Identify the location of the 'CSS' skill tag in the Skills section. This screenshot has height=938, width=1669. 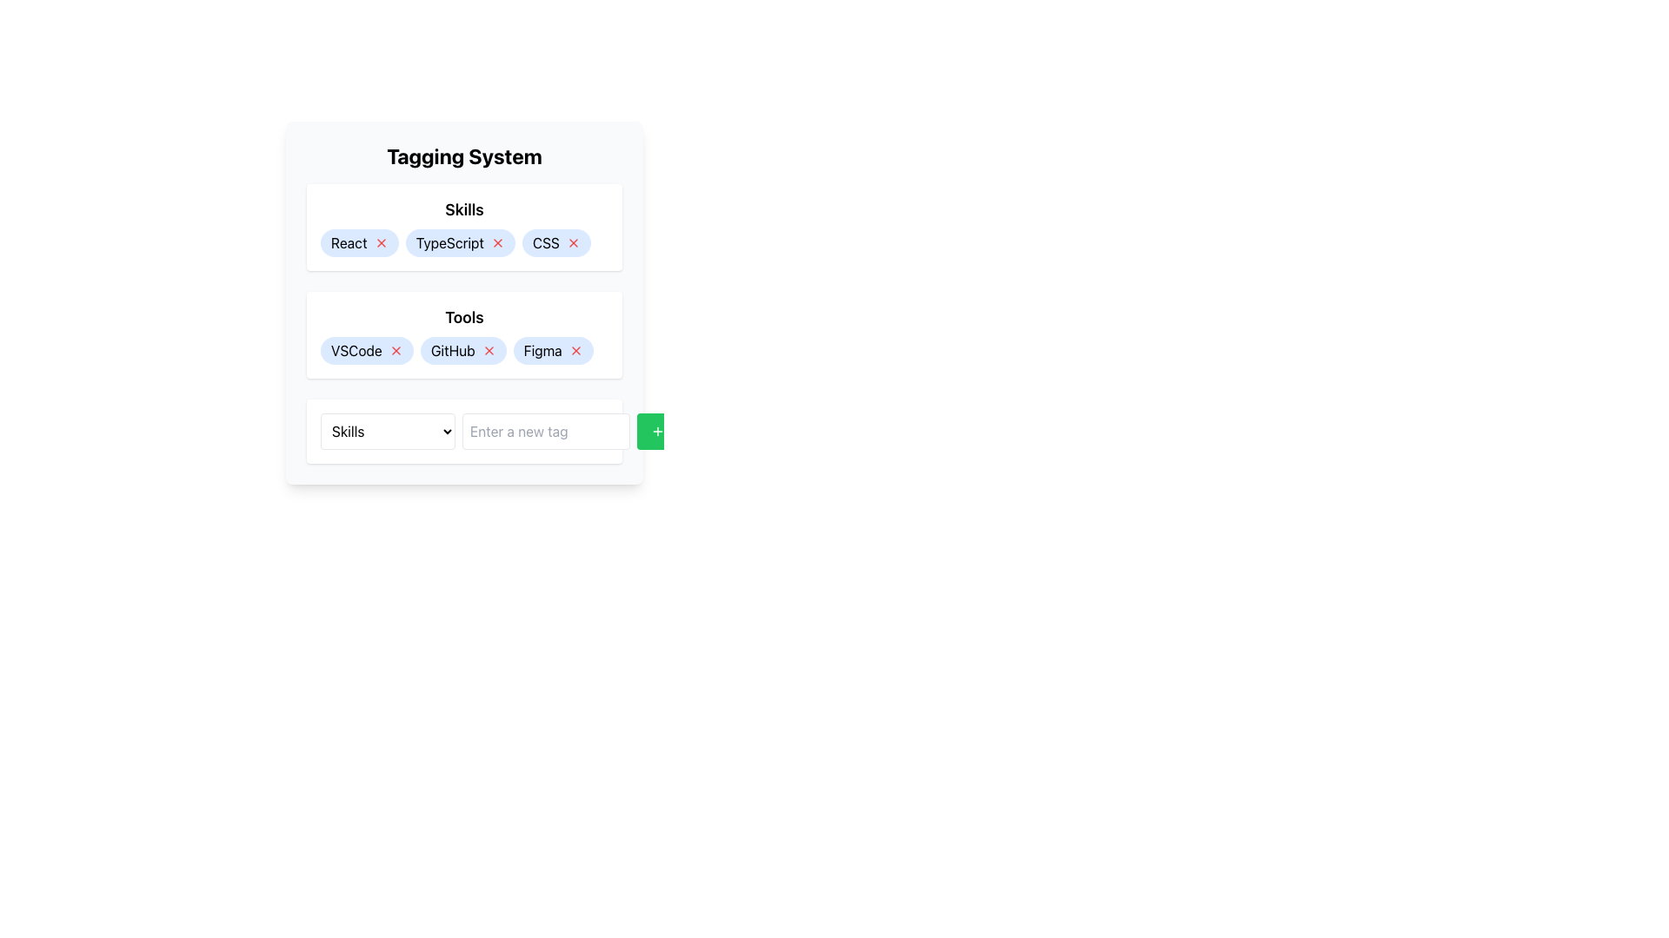
(545, 243).